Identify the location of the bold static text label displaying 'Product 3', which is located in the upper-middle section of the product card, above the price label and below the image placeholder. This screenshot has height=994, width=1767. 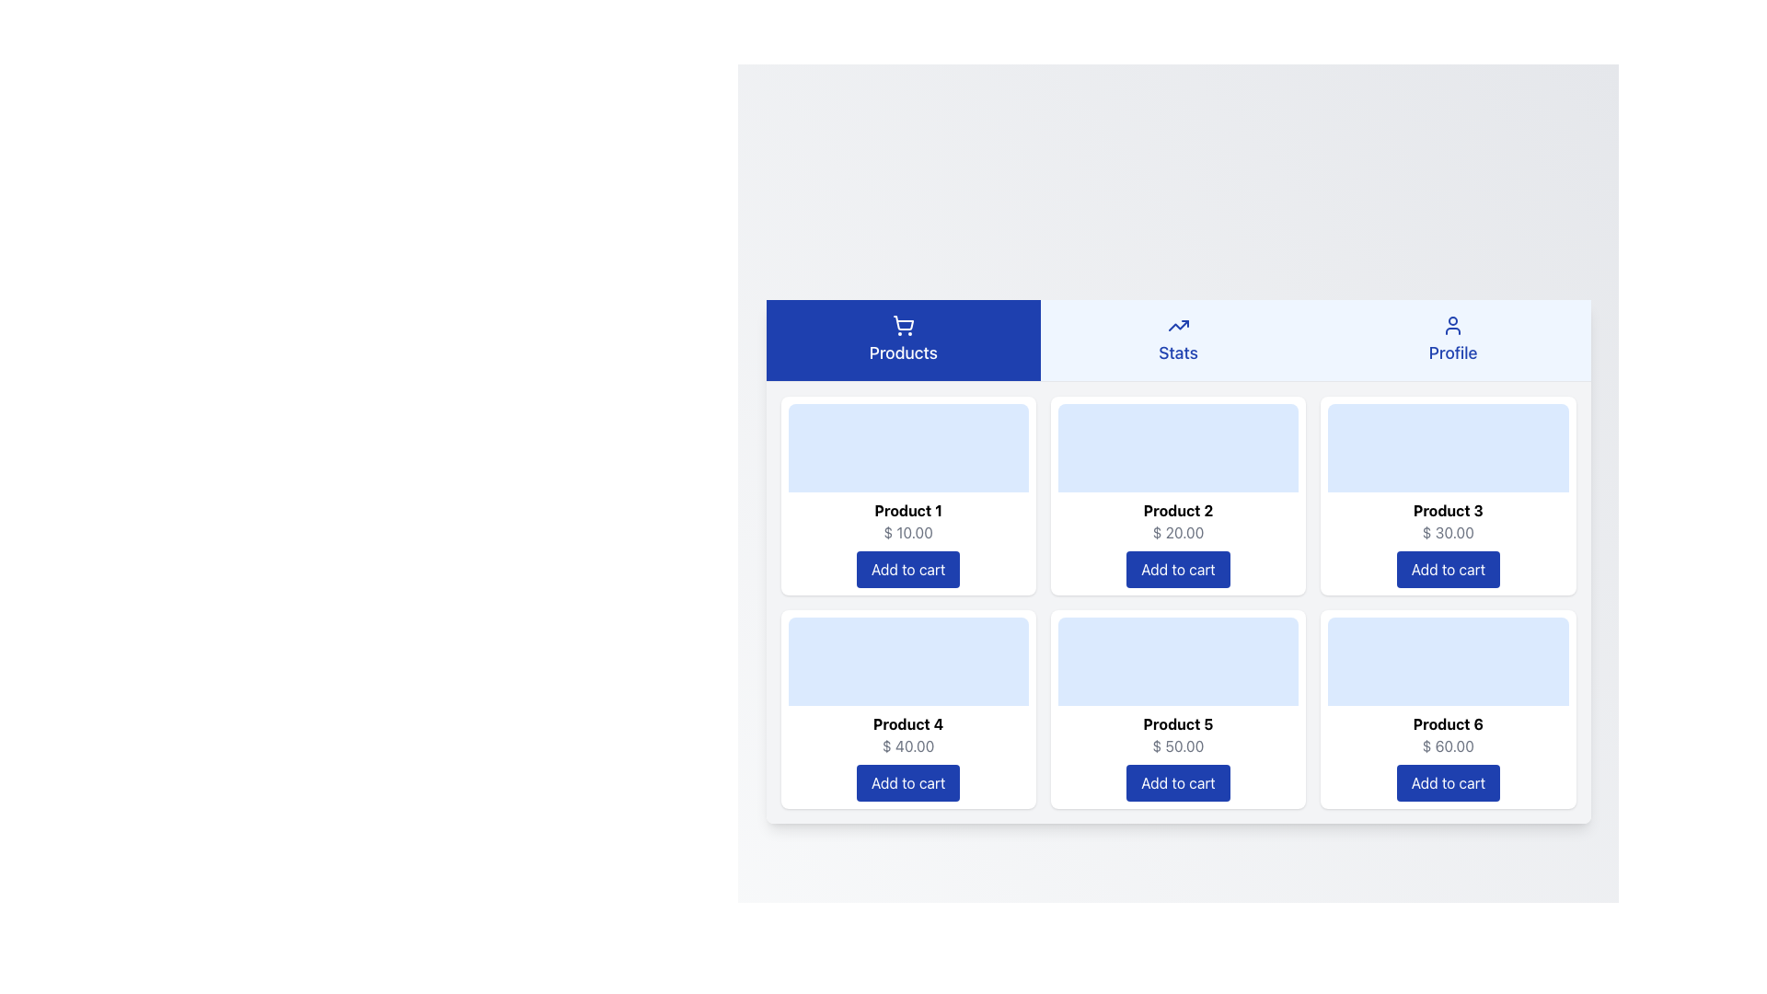
(1447, 510).